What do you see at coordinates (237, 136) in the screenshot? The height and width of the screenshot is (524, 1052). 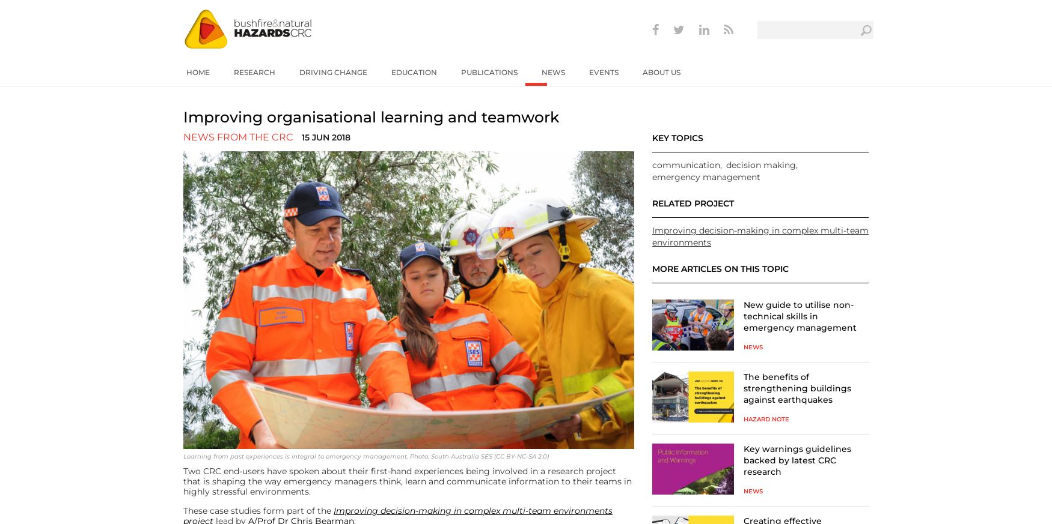 I see `'News from the CRC'` at bounding box center [237, 136].